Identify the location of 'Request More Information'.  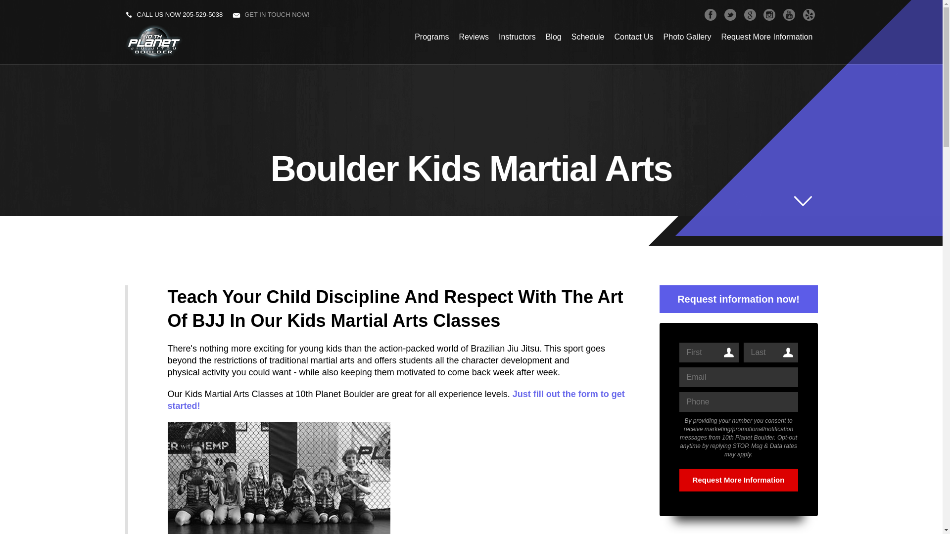
(766, 36).